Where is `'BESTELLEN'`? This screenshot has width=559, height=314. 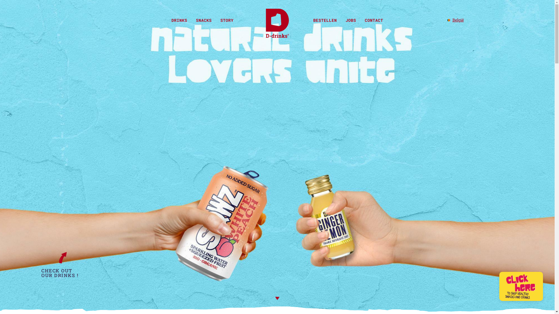 'BESTELLEN' is located at coordinates (308, 20).